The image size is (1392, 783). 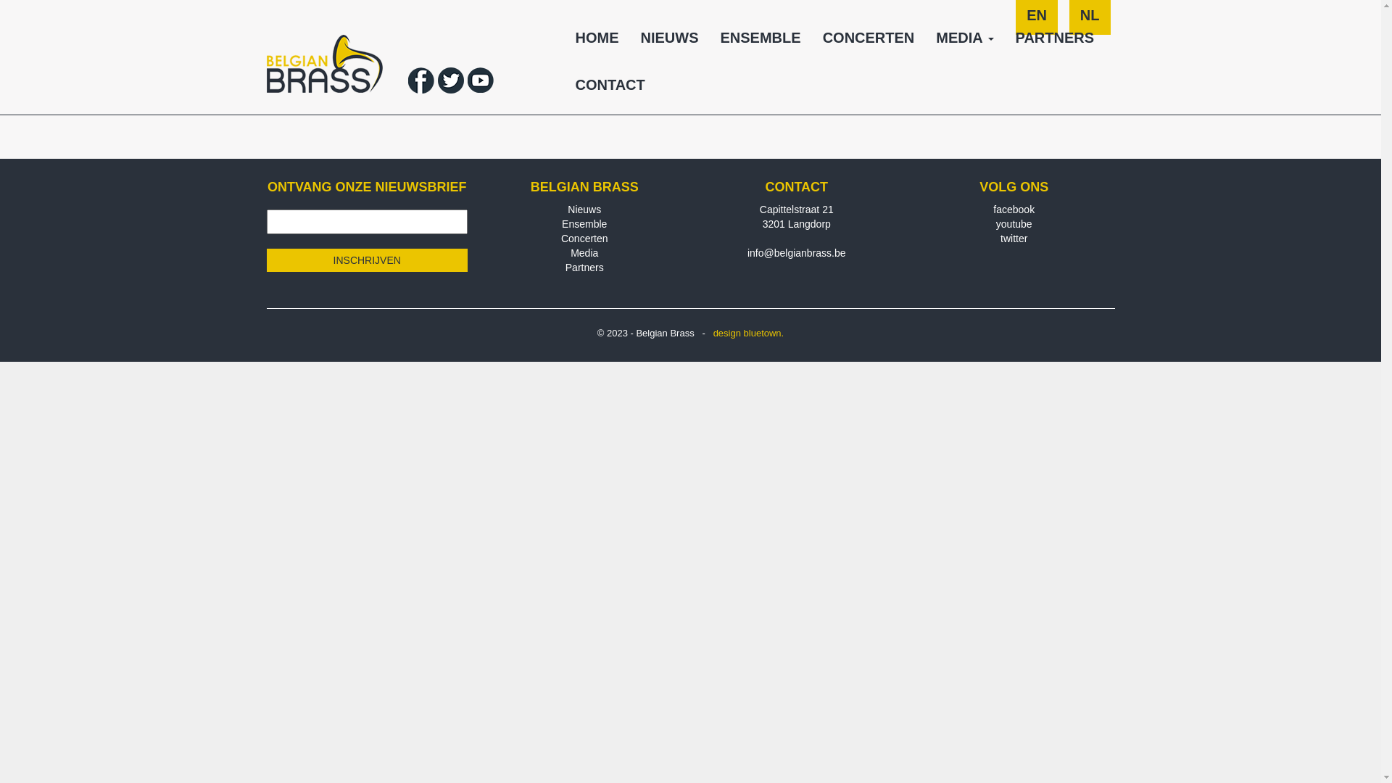 What do you see at coordinates (992, 210) in the screenshot?
I see `'facebook'` at bounding box center [992, 210].